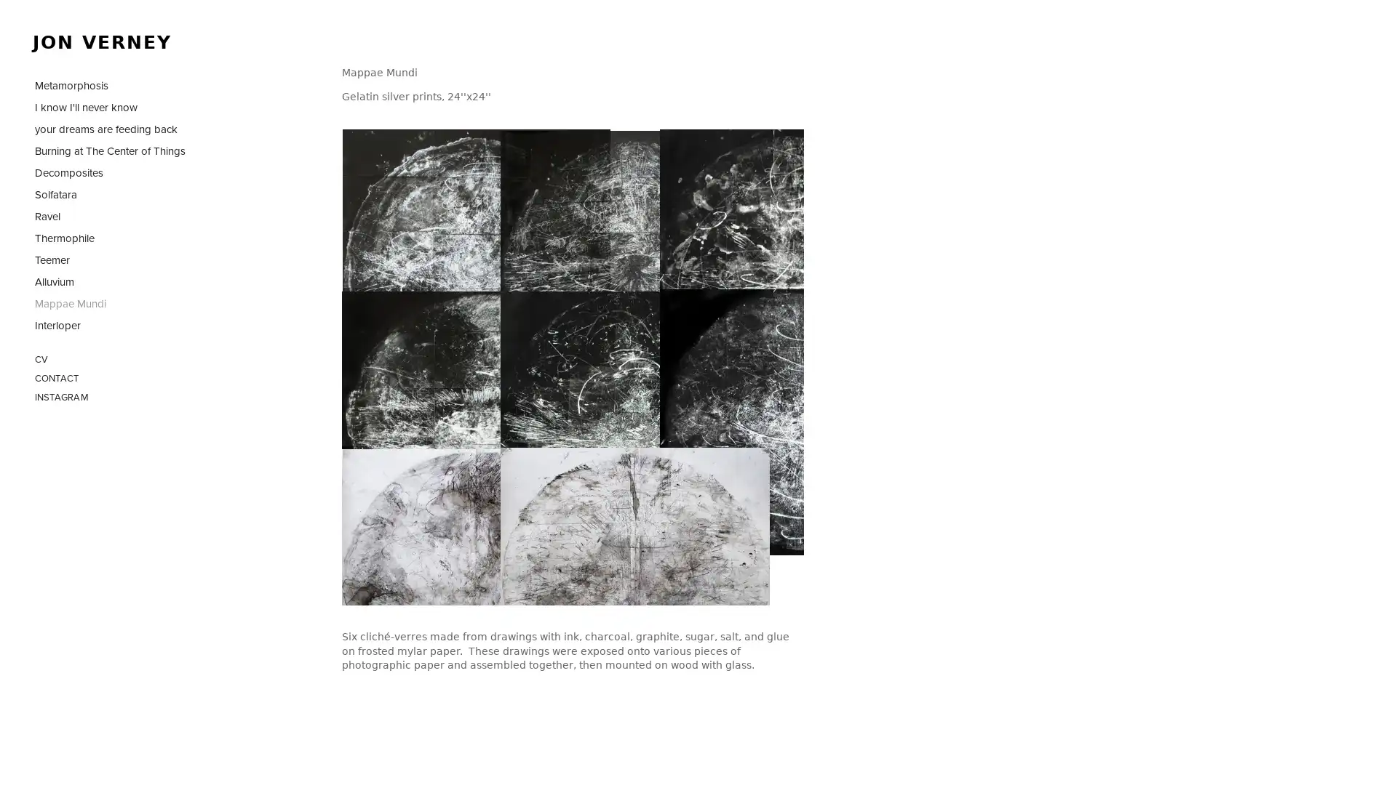  Describe the element at coordinates (413, 518) in the screenshot. I see `View fullsize negative.jpg` at that location.